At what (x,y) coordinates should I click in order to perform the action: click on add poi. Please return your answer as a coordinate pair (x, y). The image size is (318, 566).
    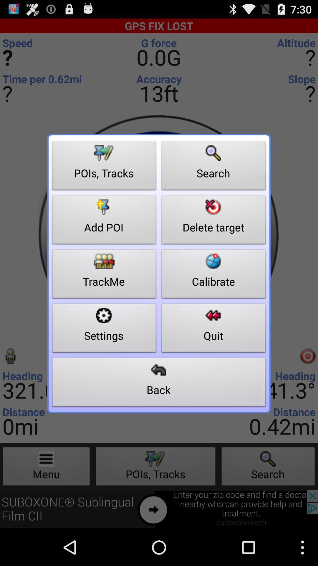
    Looking at the image, I should click on (104, 221).